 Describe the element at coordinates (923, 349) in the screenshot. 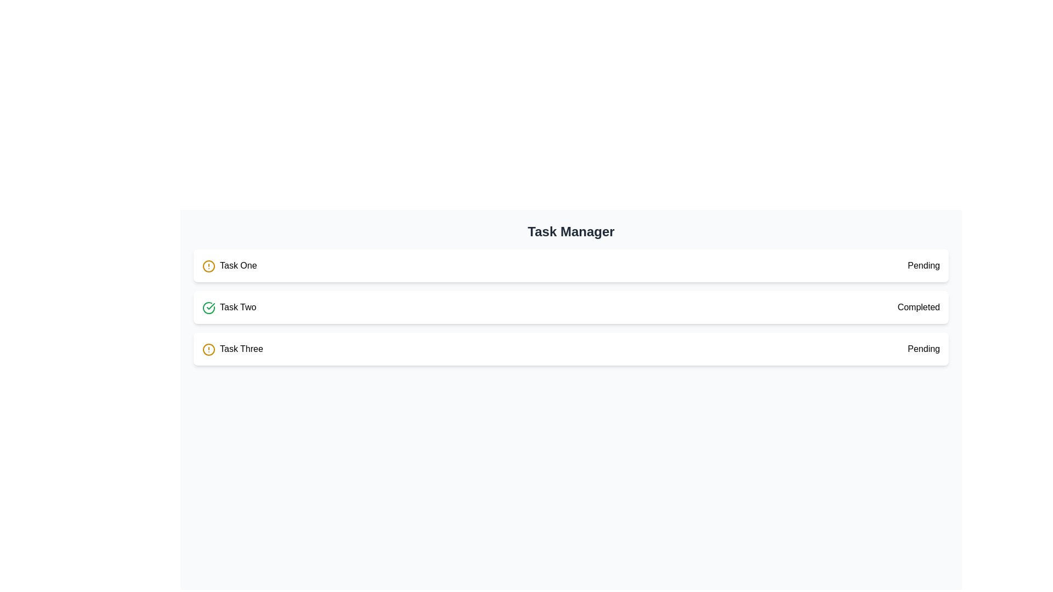

I see `the status indicator for 'Task Three' which shows 'Pending'` at that location.